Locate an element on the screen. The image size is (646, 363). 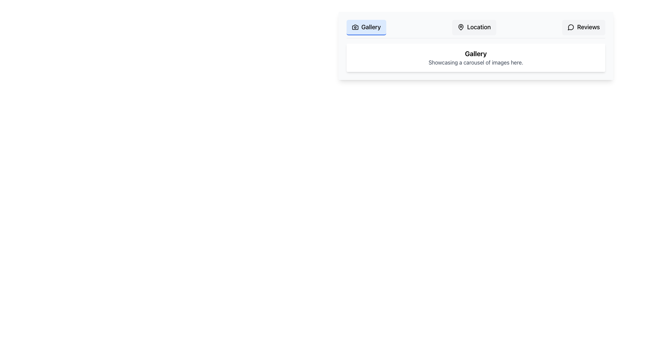
the 'Location' tab button which has a light gray background and a map pin icon to potentially reveal a tooltip or highlight effect is located at coordinates (474, 27).